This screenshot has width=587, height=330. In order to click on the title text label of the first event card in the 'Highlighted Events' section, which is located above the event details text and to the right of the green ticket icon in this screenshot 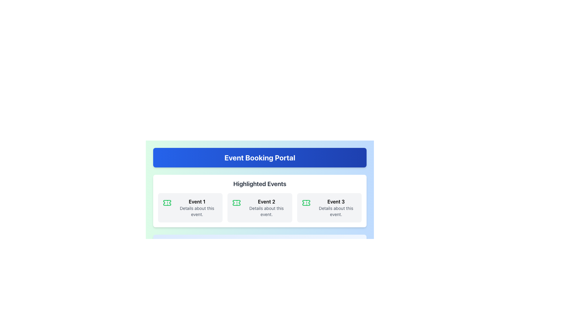, I will do `click(197, 201)`.